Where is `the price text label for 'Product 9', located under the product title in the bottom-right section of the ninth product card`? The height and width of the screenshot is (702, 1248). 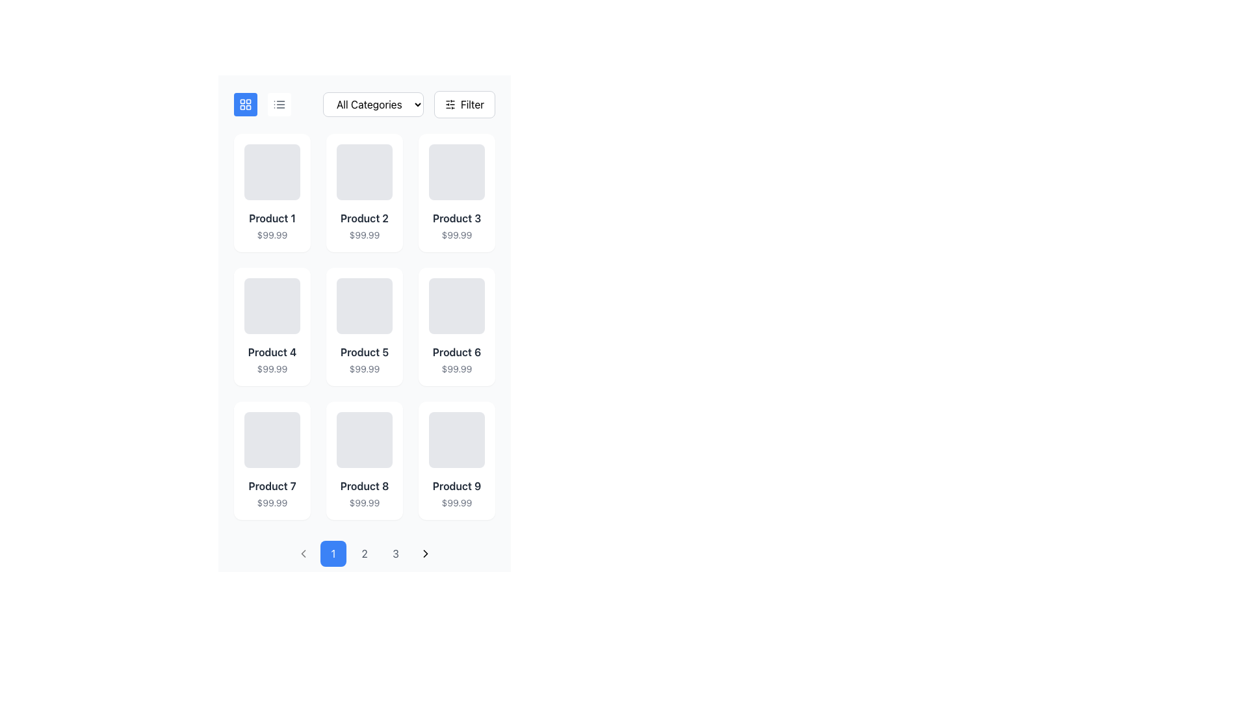
the price text label for 'Product 9', located under the product title in the bottom-right section of the ninth product card is located at coordinates (456, 502).